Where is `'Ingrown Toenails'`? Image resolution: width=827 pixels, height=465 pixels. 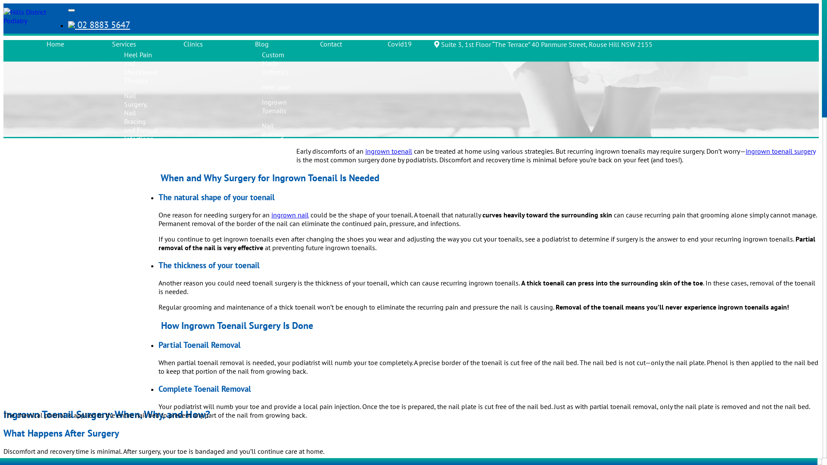
'Ingrown Toenails' is located at coordinates (274, 105).